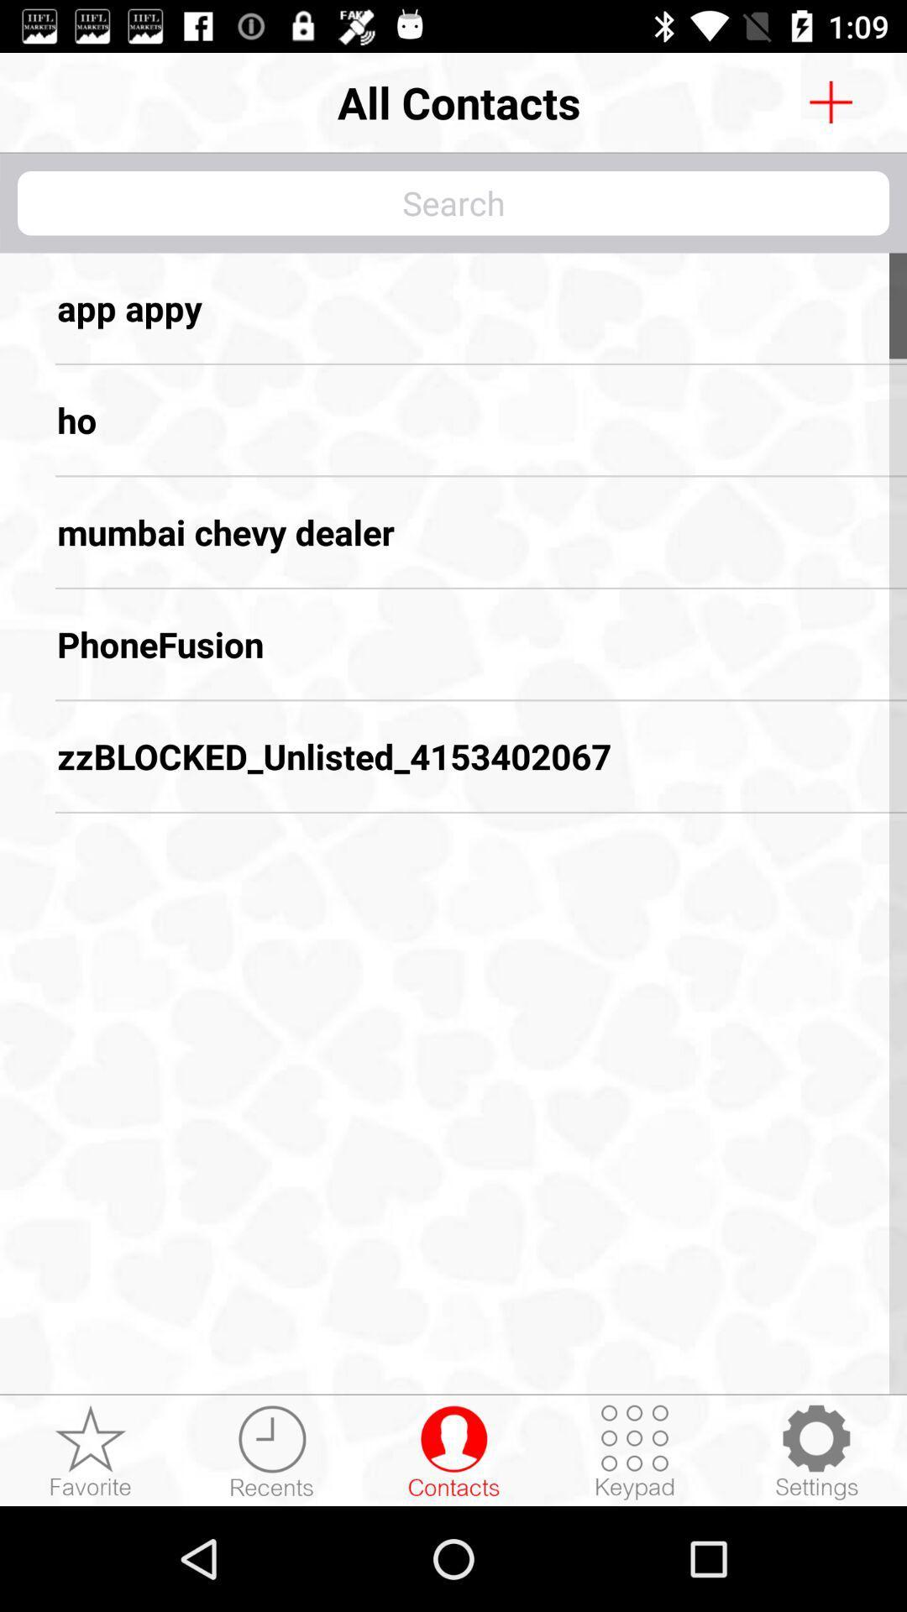 This screenshot has width=907, height=1612. I want to click on search, so click(453, 202).